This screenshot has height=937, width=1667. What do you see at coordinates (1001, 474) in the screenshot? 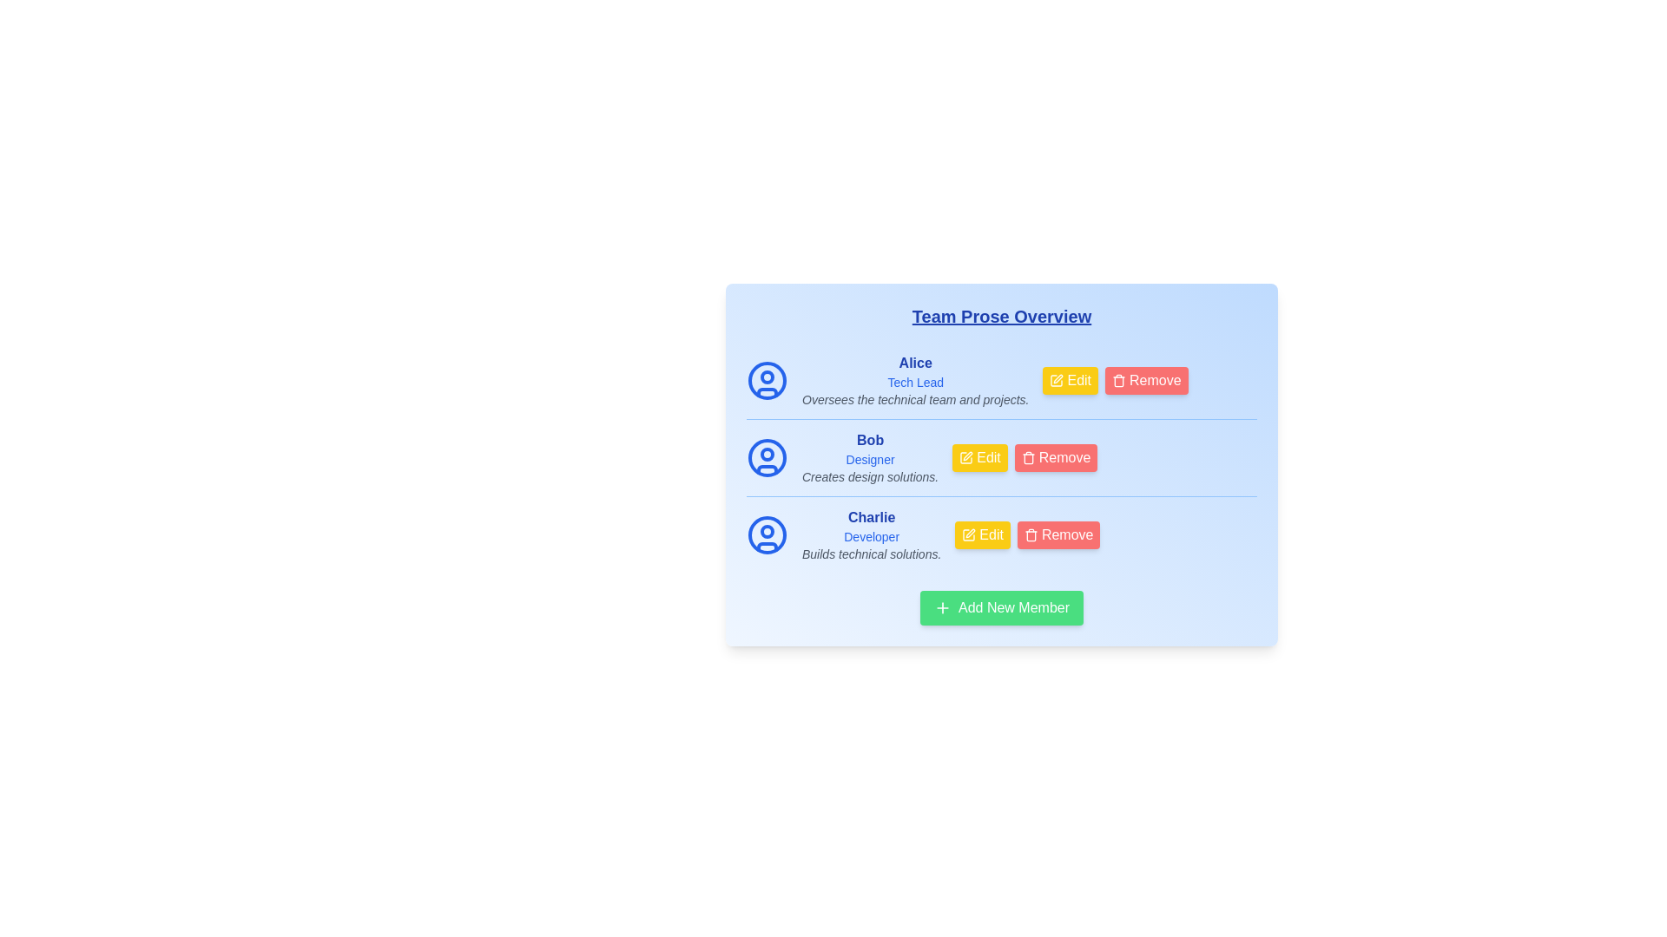
I see `the edit button for team member 'Bob' to initiate editing of his details` at bounding box center [1001, 474].